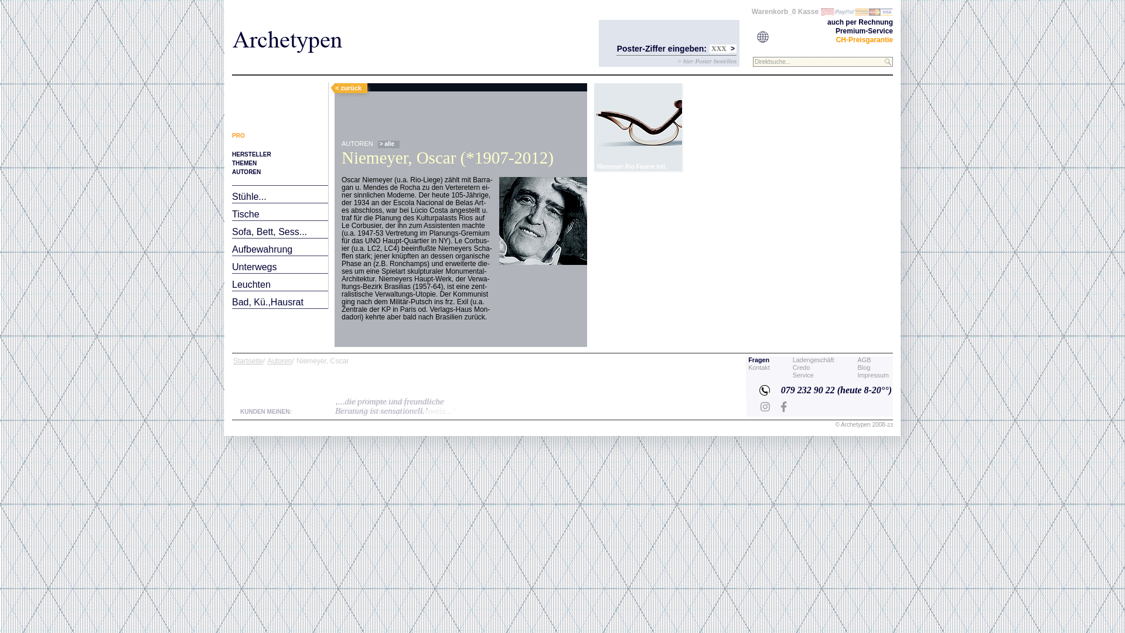 The height and width of the screenshot is (633, 1125). Describe the element at coordinates (637, 127) in the screenshot. I see `'Niemeyer Rio Fasem Intl.'` at that location.